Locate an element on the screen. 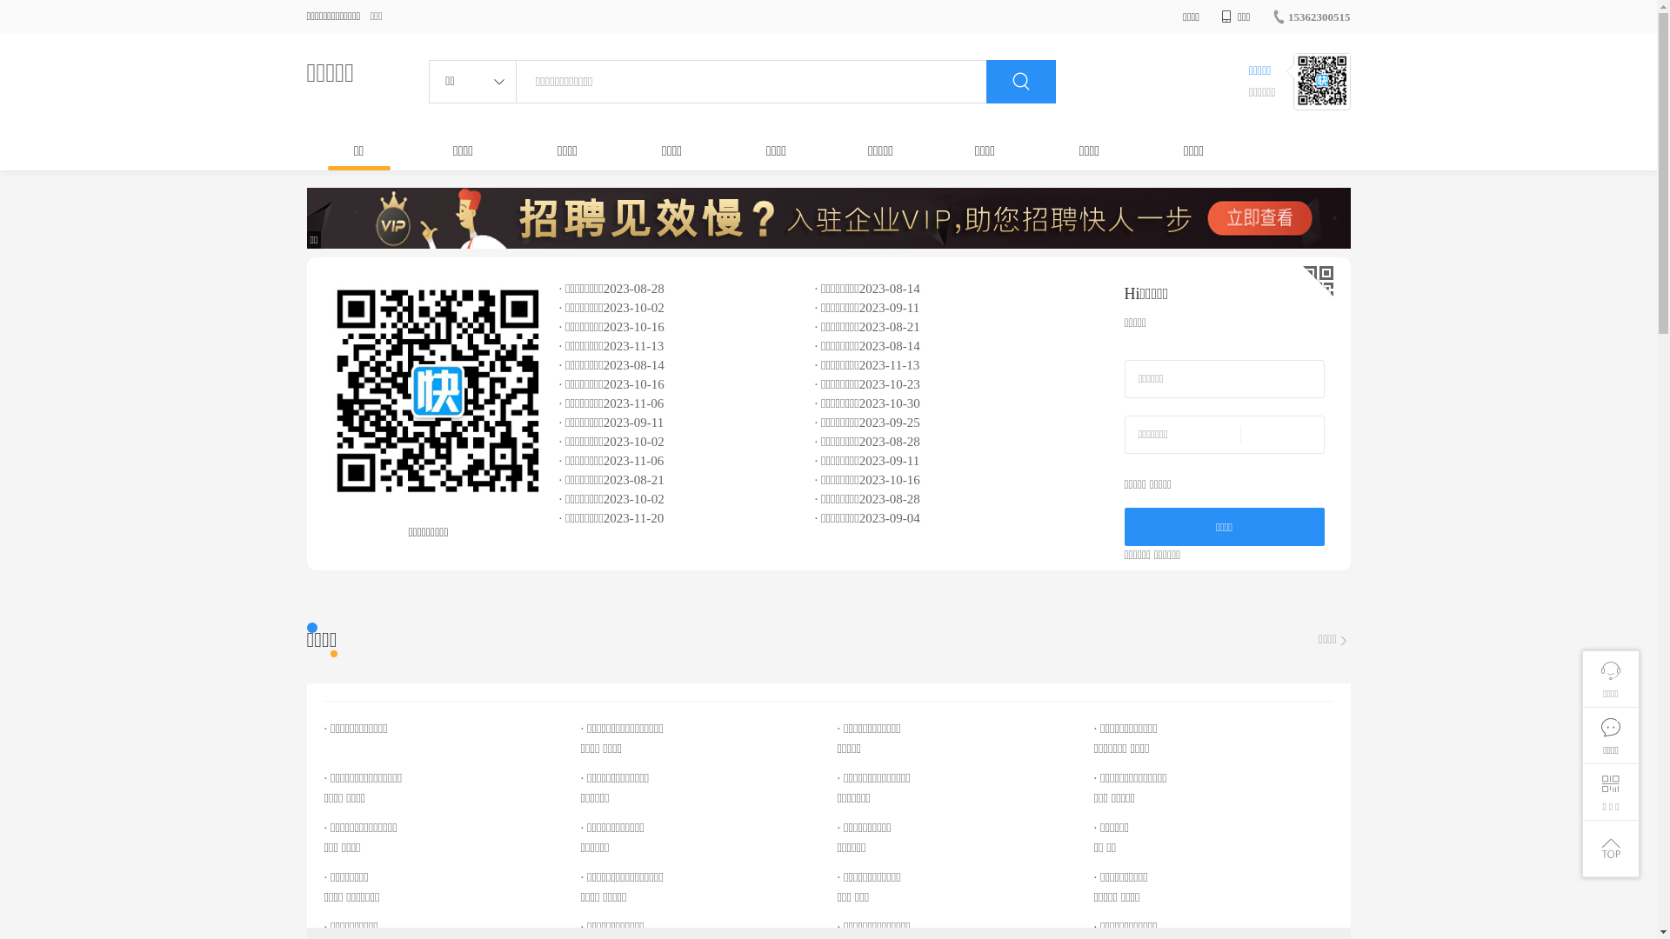 The width and height of the screenshot is (1670, 939). '15362300515' is located at coordinates (1311, 17).